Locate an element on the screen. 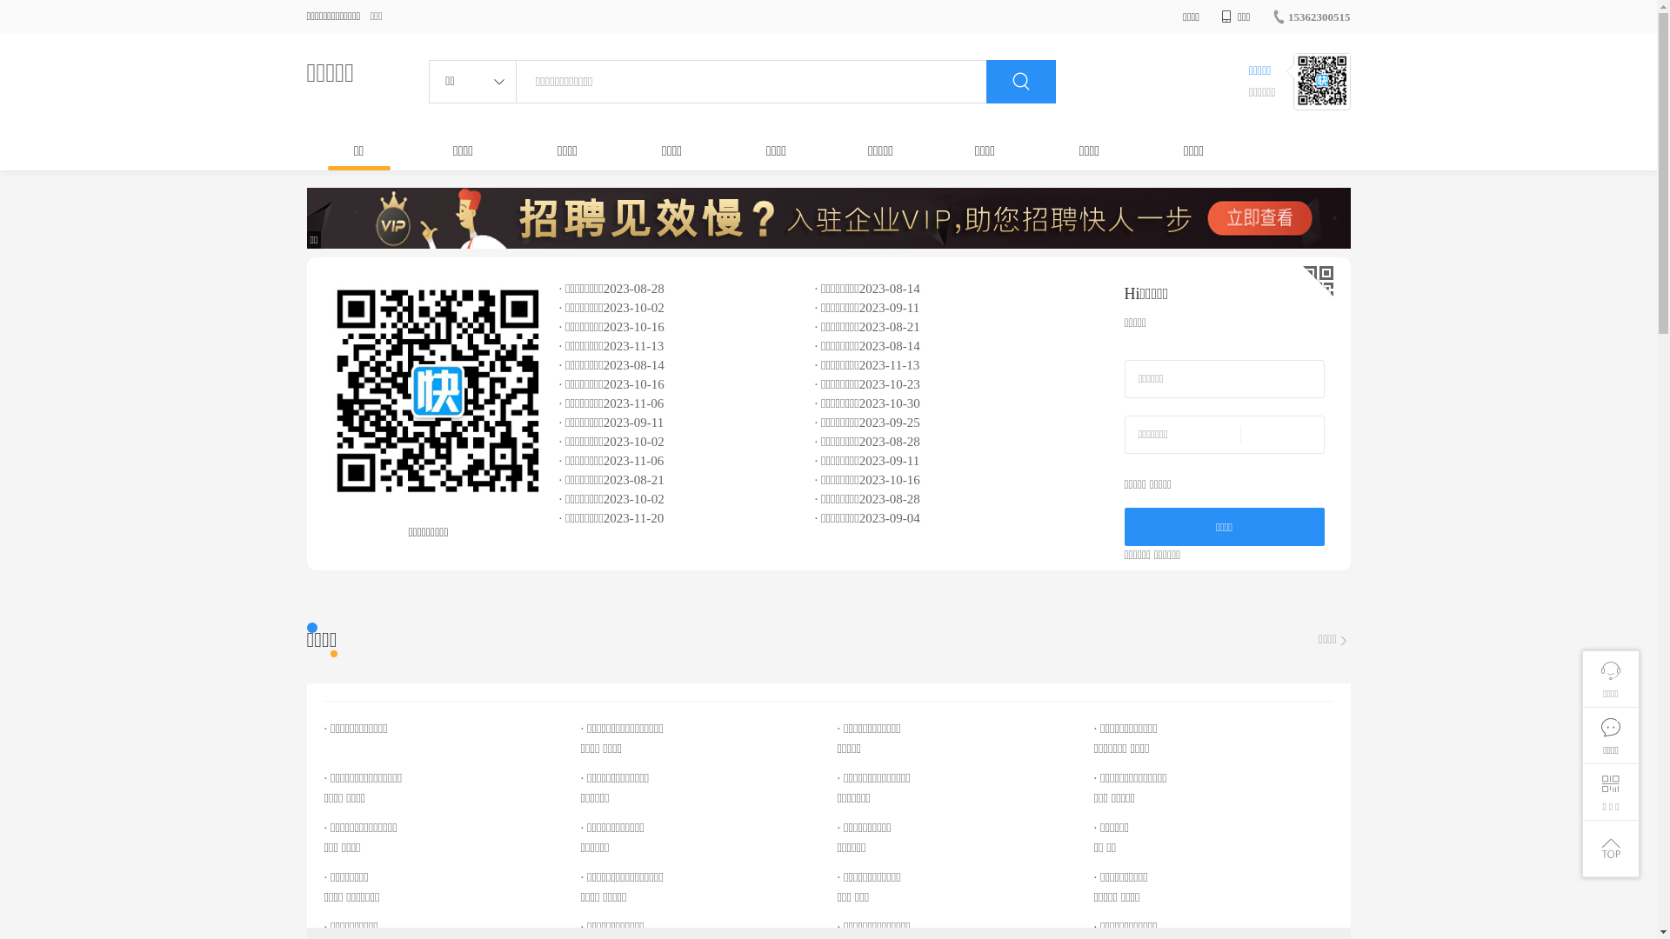 The width and height of the screenshot is (1670, 939). '15362300515' is located at coordinates (1311, 17).